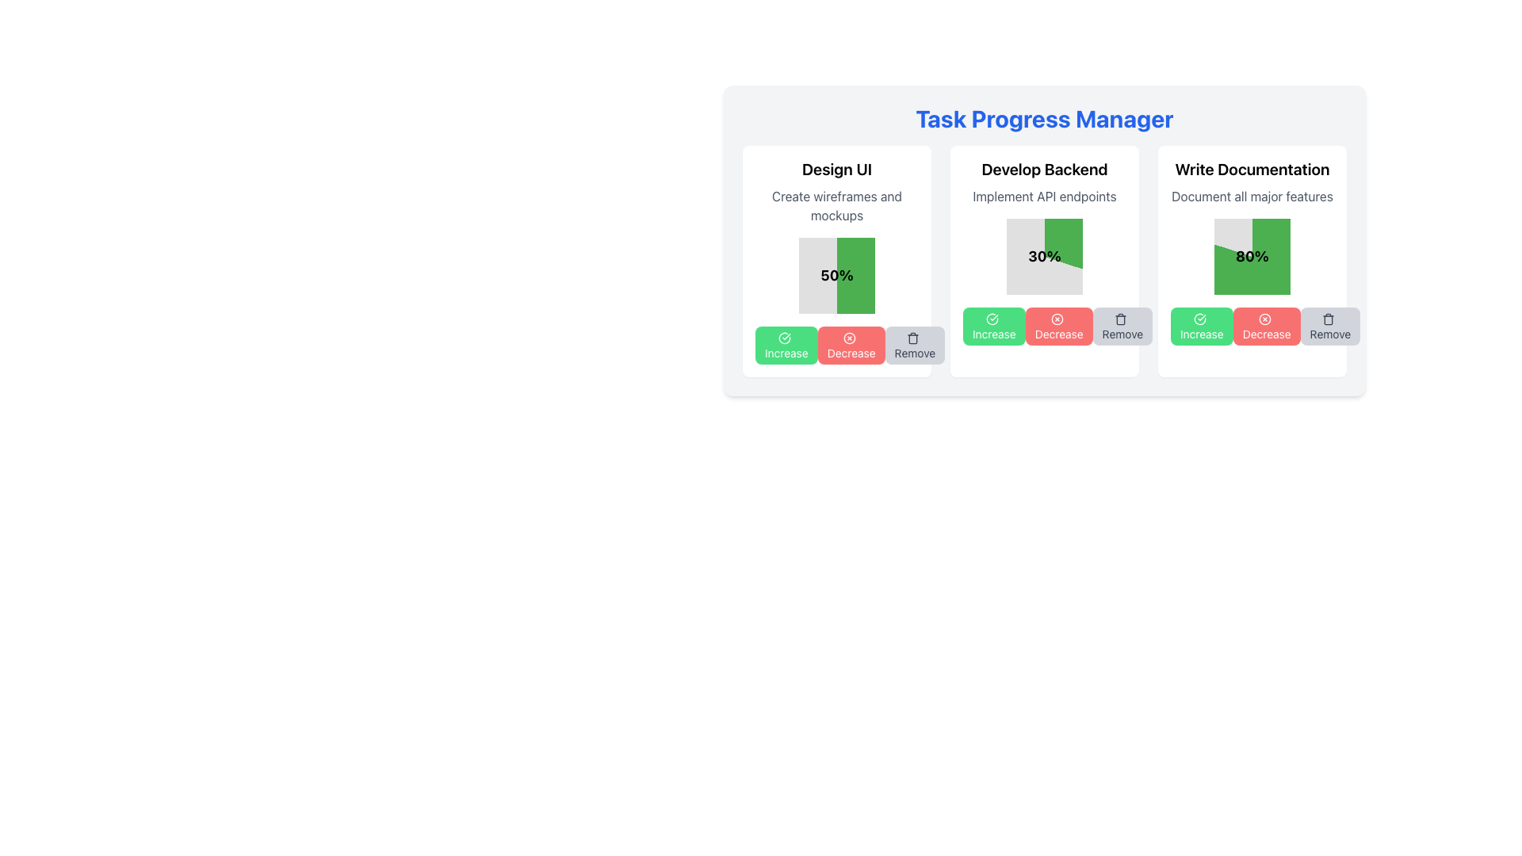 The width and height of the screenshot is (1522, 856). What do you see at coordinates (1122, 326) in the screenshot?
I see `the remove button located to the right of the 'Decrease' button in the 'Develop Backend' section` at bounding box center [1122, 326].